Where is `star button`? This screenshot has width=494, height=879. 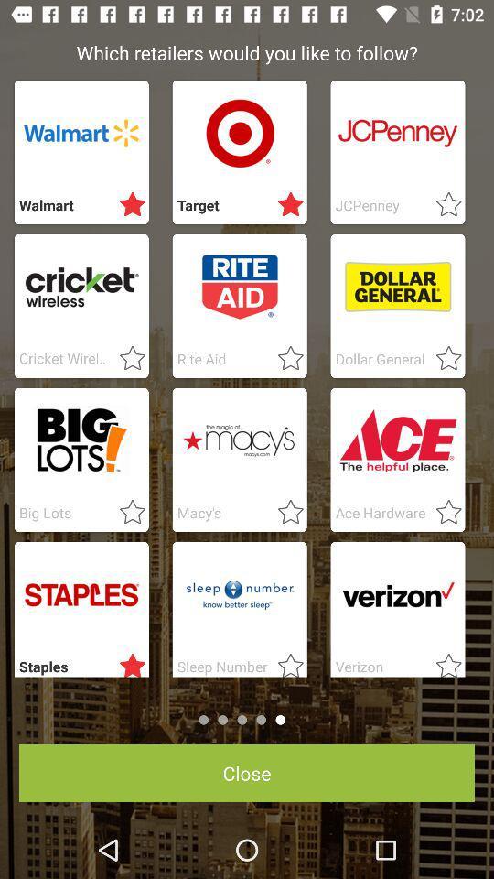
star button is located at coordinates (442, 661).